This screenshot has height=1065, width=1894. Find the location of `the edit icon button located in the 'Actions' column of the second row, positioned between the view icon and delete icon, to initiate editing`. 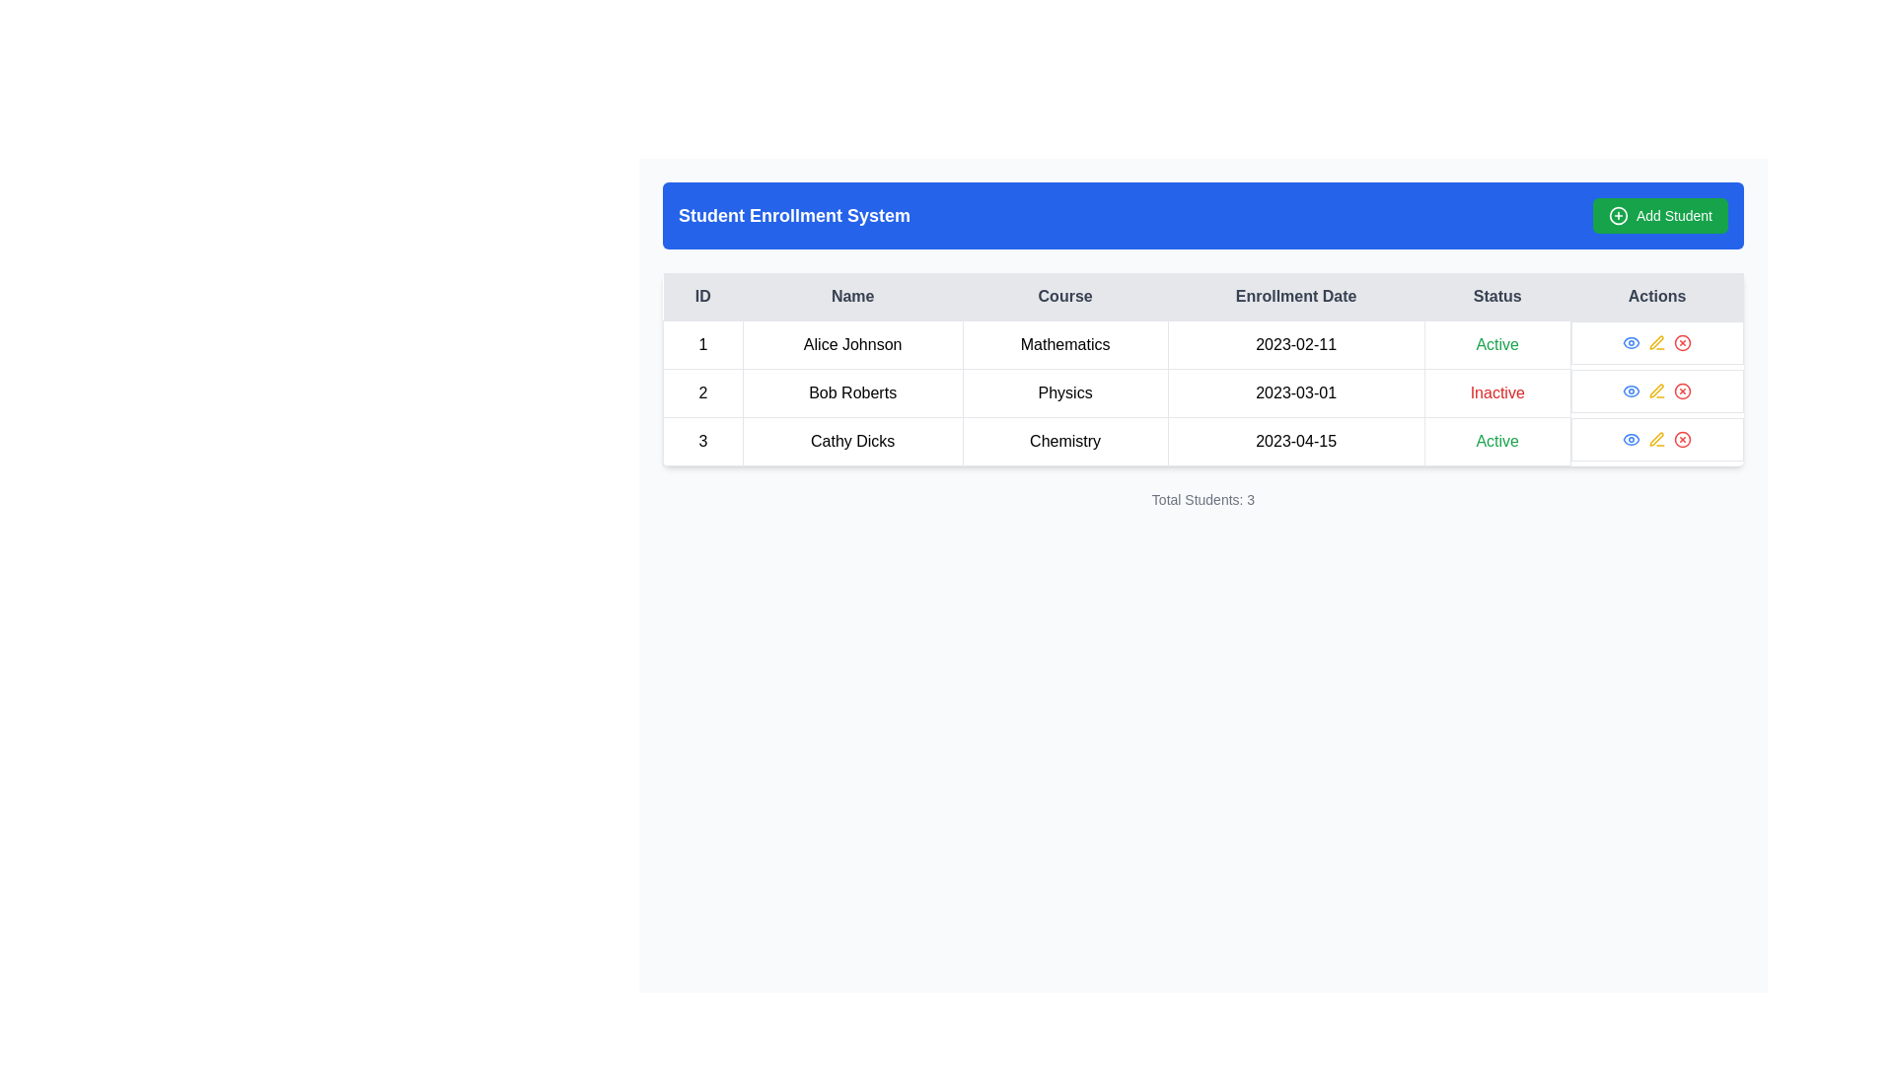

the edit icon button located in the 'Actions' column of the second row, positioned between the view icon and delete icon, to initiate editing is located at coordinates (1657, 341).